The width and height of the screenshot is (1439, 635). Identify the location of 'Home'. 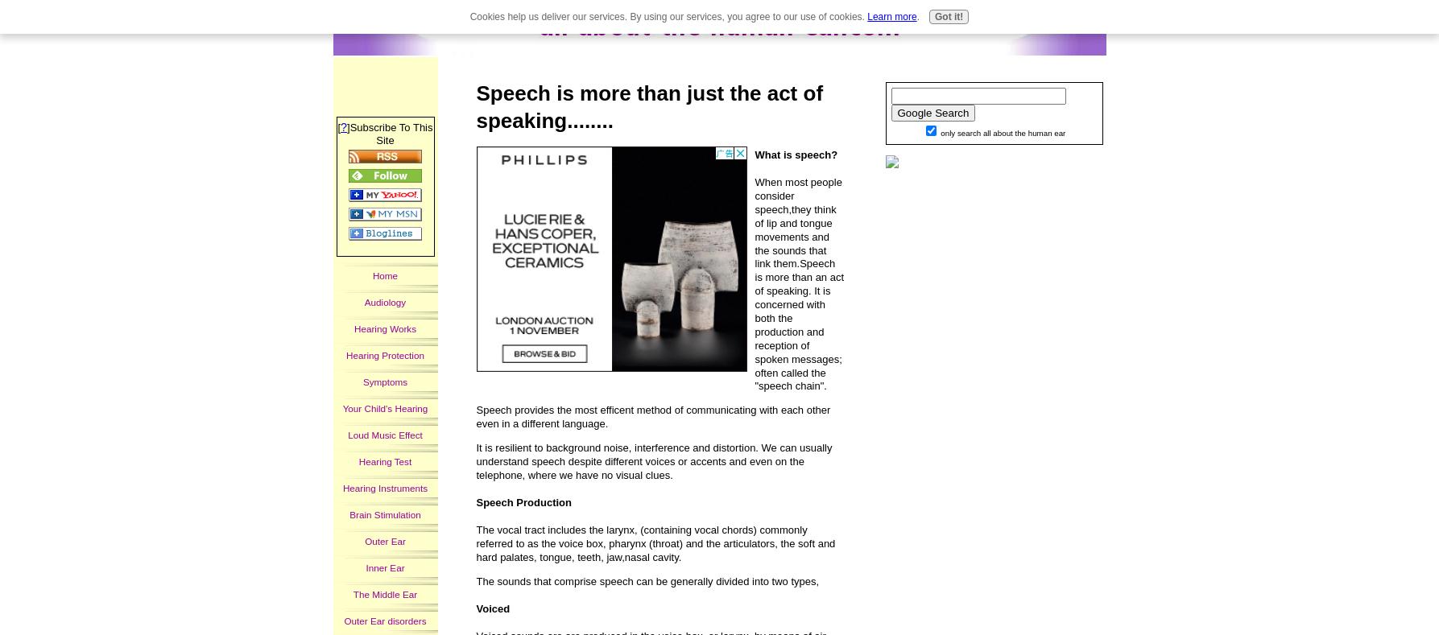
(385, 274).